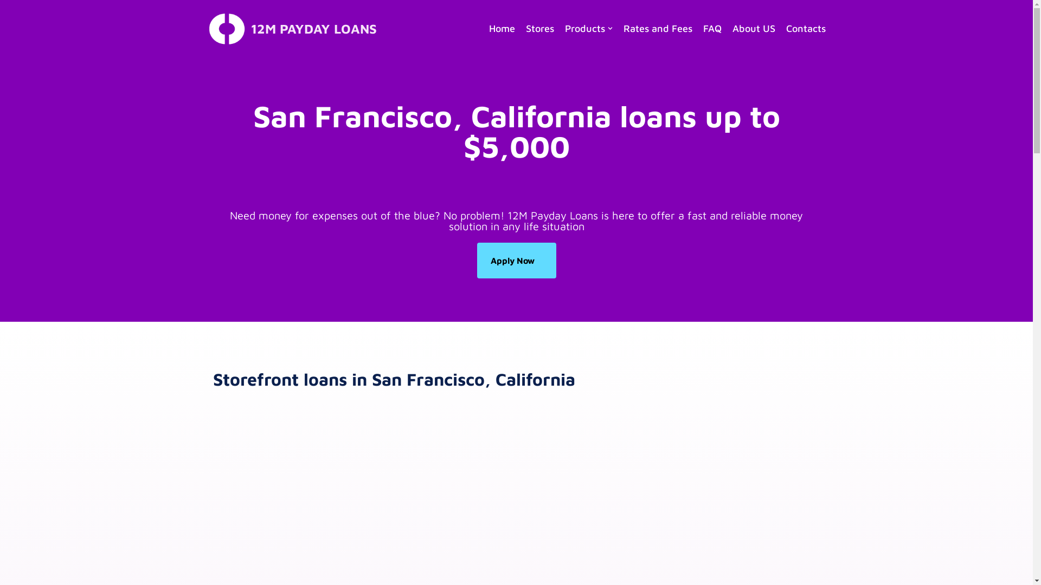 This screenshot has width=1041, height=585. What do you see at coordinates (516, 261) in the screenshot?
I see `'Apply Now'` at bounding box center [516, 261].